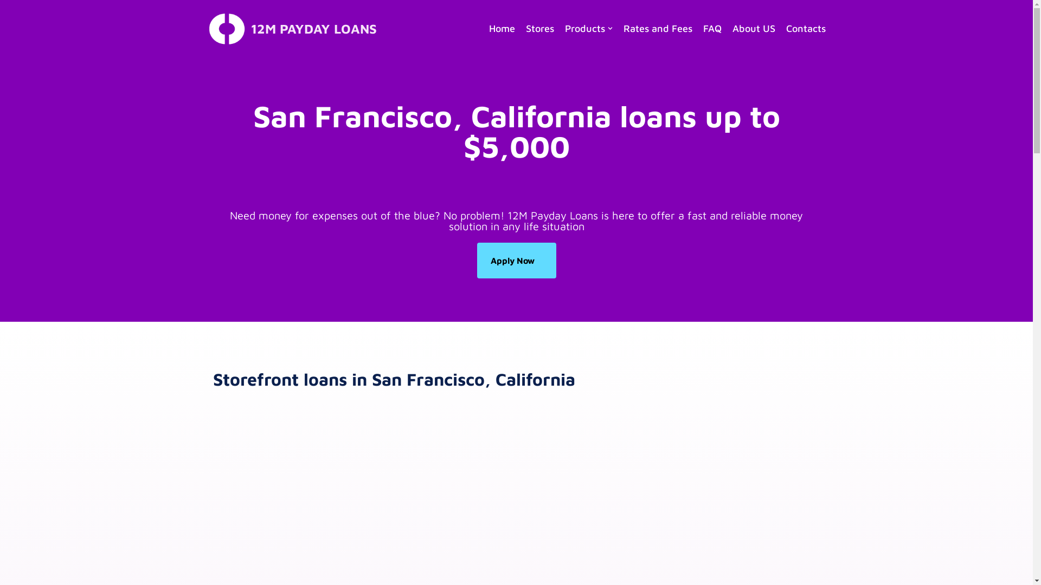 This screenshot has width=1041, height=585. What do you see at coordinates (516, 261) in the screenshot?
I see `'Apply Now'` at bounding box center [516, 261].